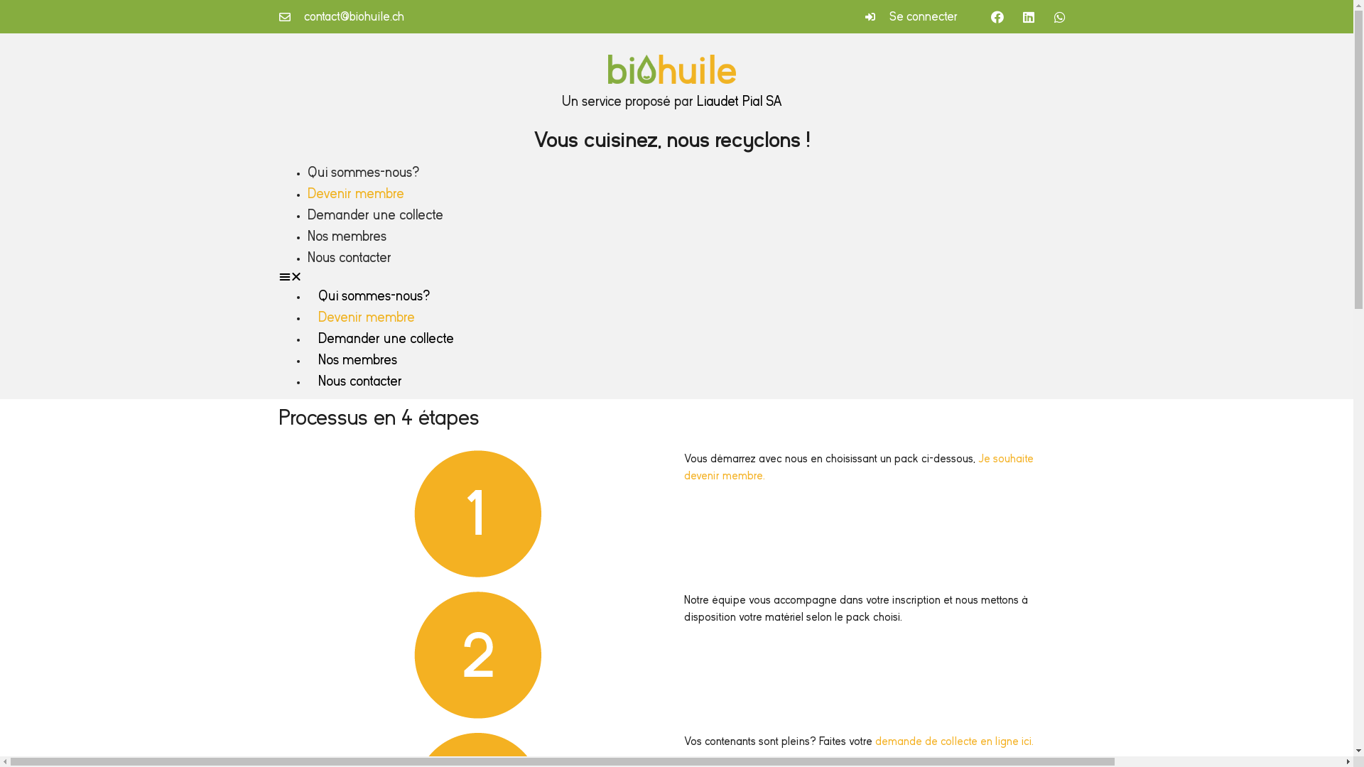  Describe the element at coordinates (688, 16) in the screenshot. I see `'Se connecter'` at that location.